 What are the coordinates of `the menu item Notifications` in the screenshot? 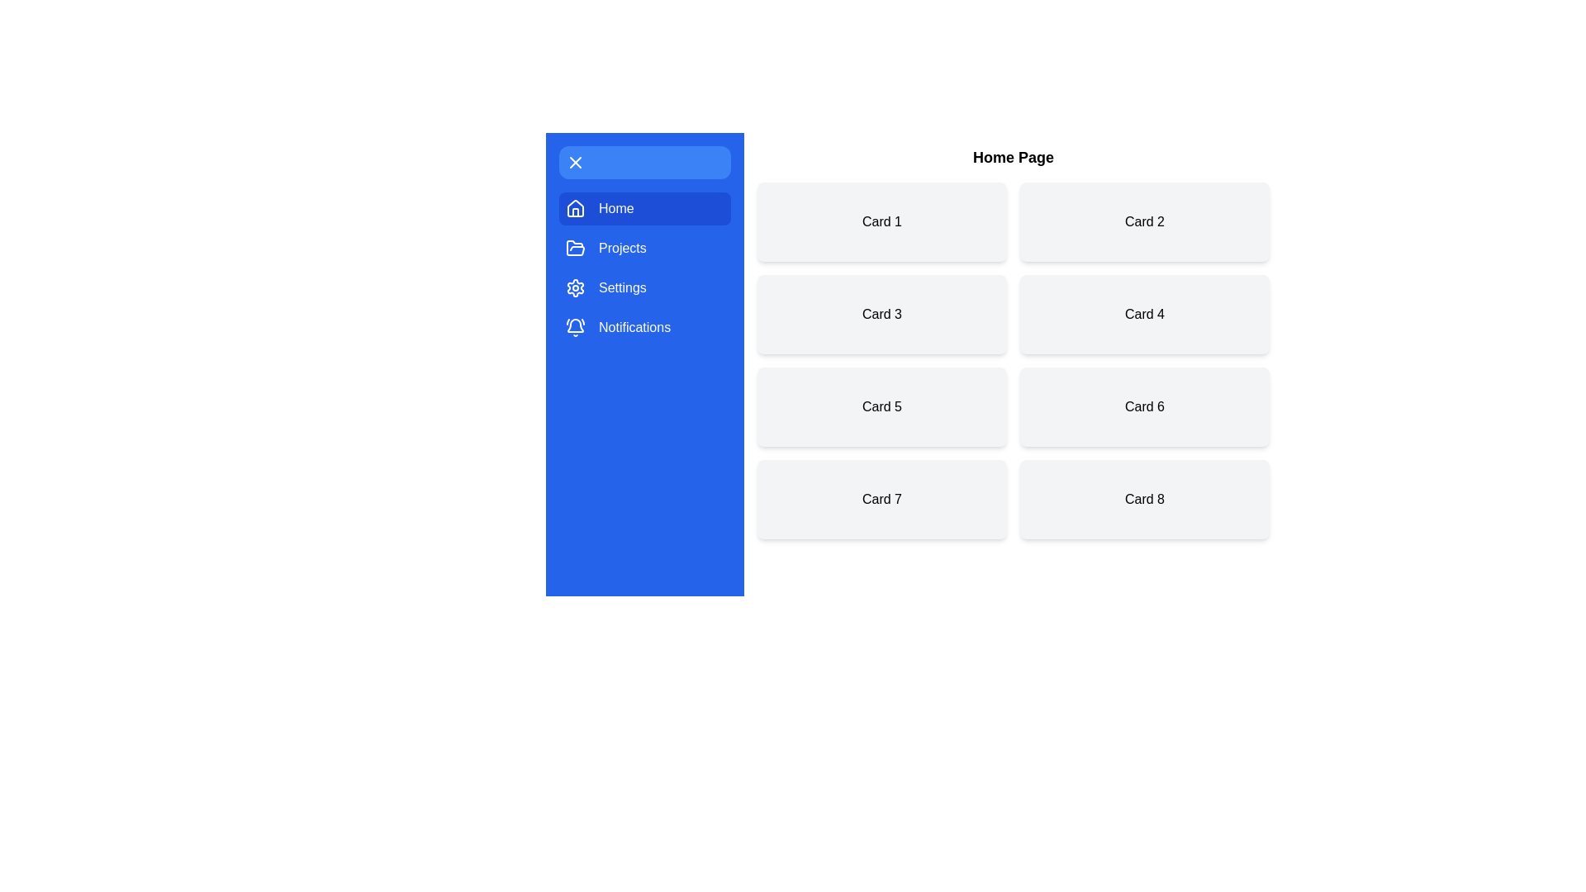 It's located at (644, 328).